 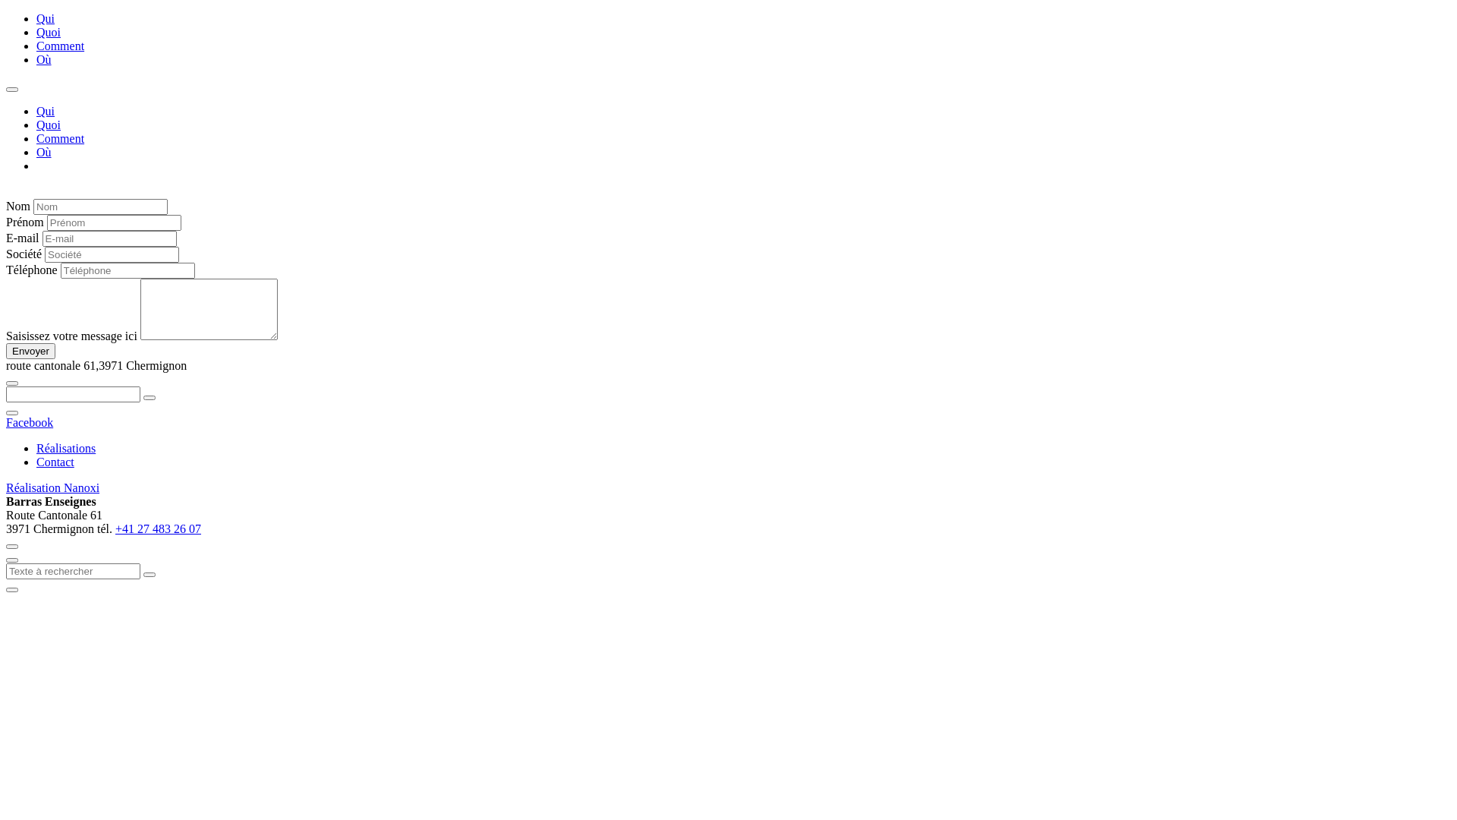 What do you see at coordinates (36, 32) in the screenshot?
I see `'Quoi'` at bounding box center [36, 32].